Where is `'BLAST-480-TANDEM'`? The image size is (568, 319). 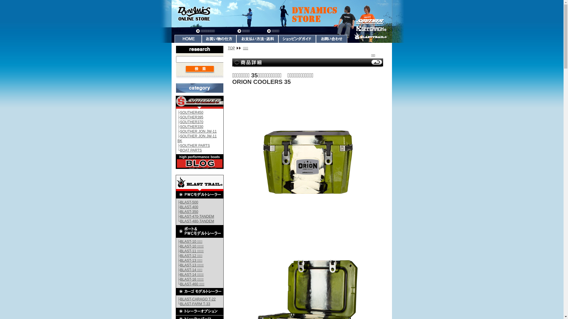
'BLAST-480-TANDEM' is located at coordinates (197, 221).